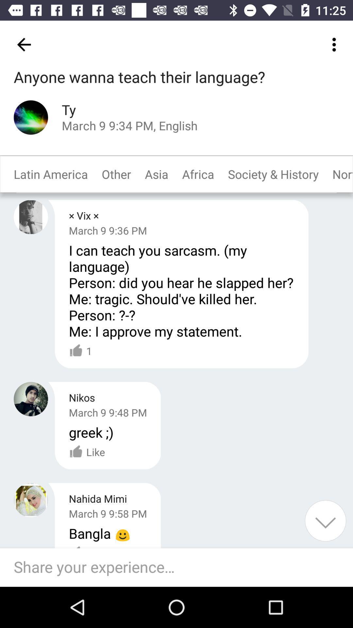 This screenshot has height=628, width=353. I want to click on open user image, so click(31, 500).